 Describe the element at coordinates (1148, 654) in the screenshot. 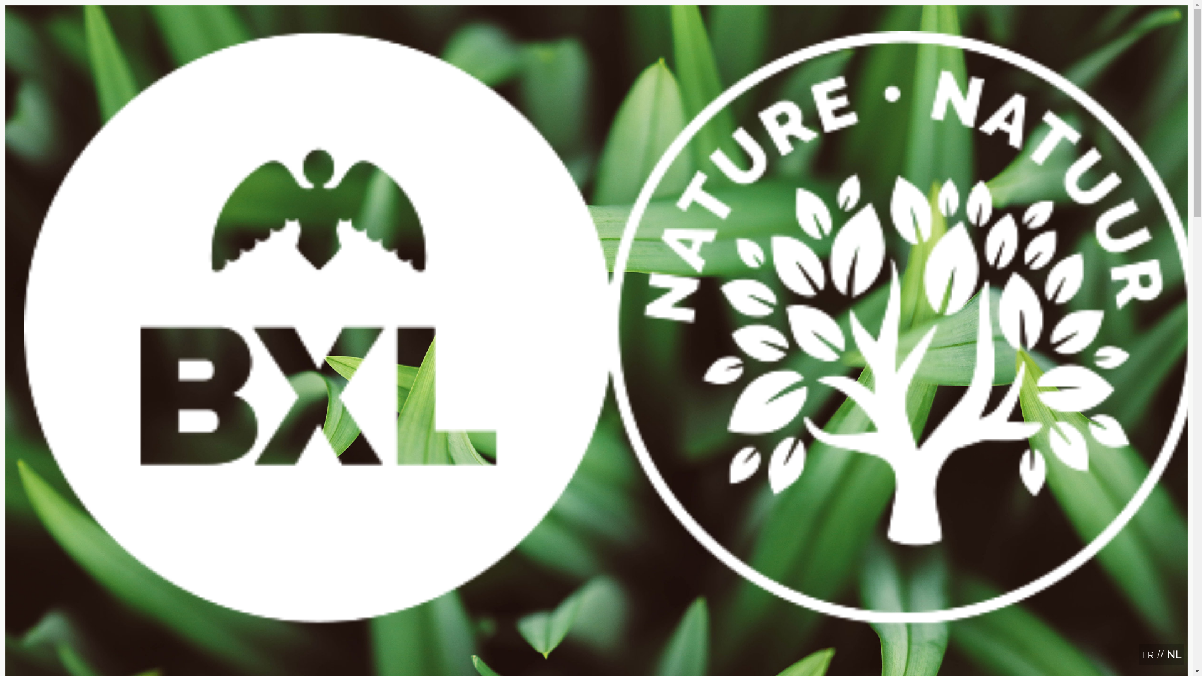

I see `'FR'` at that location.